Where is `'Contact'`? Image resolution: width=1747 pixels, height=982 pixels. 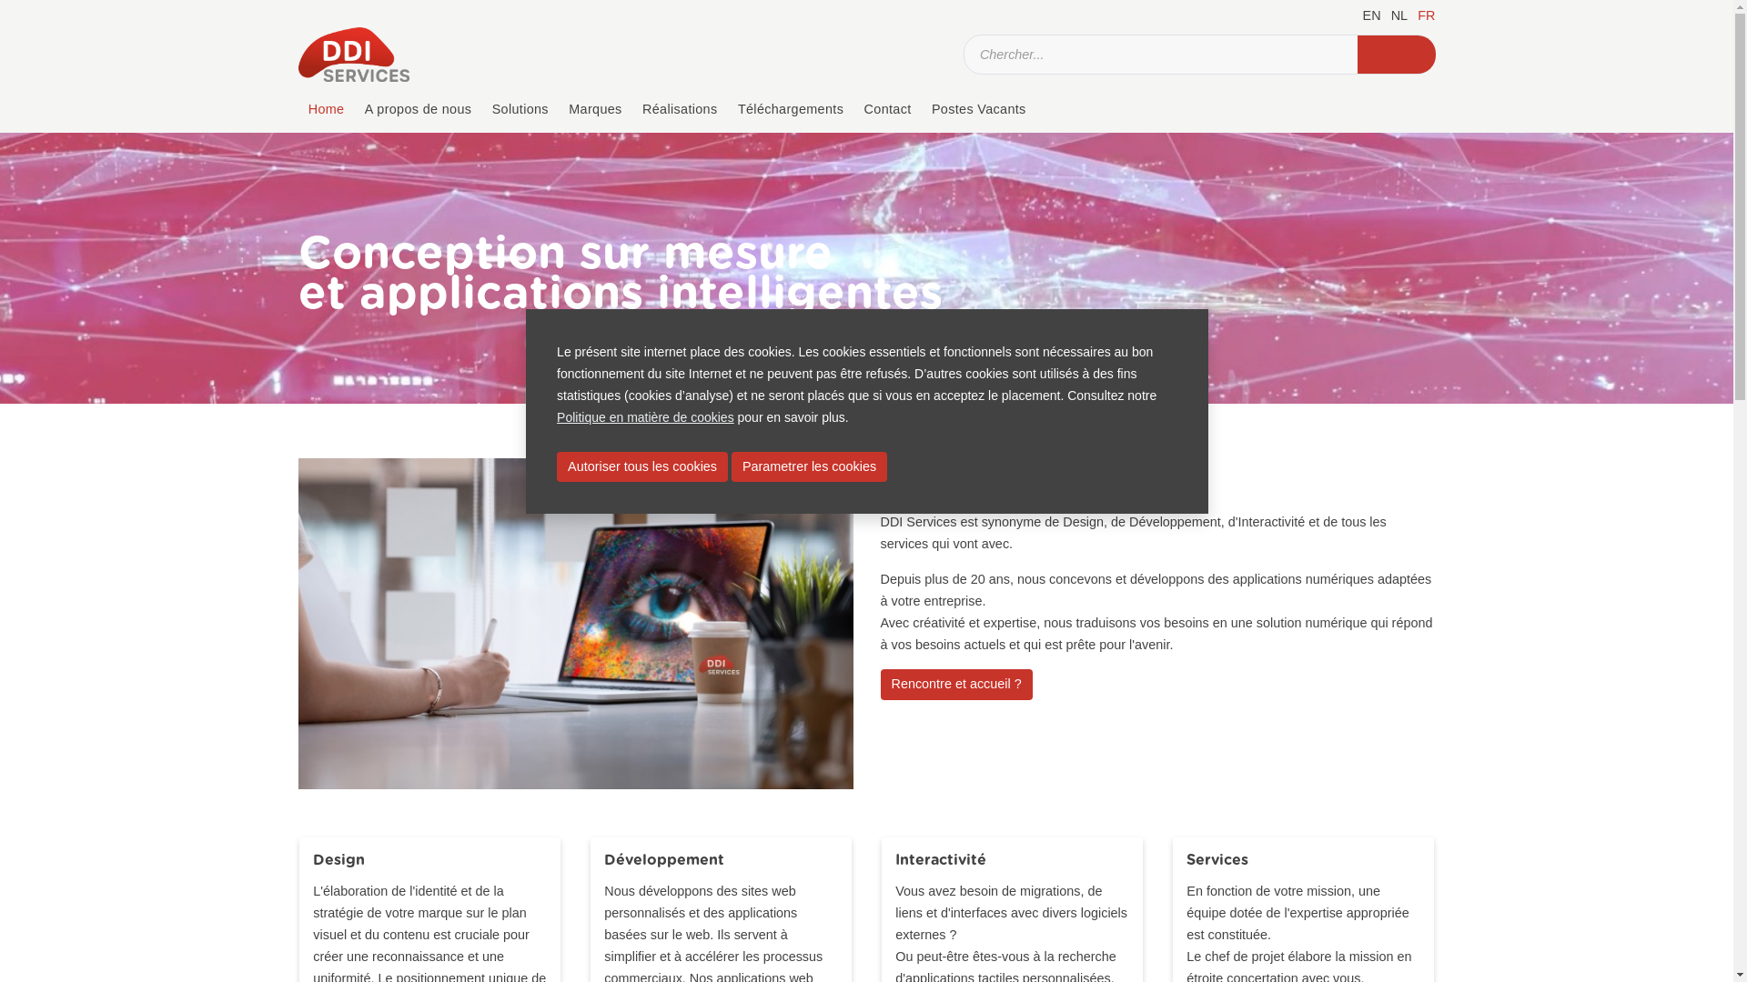 'Contact' is located at coordinates (852, 109).